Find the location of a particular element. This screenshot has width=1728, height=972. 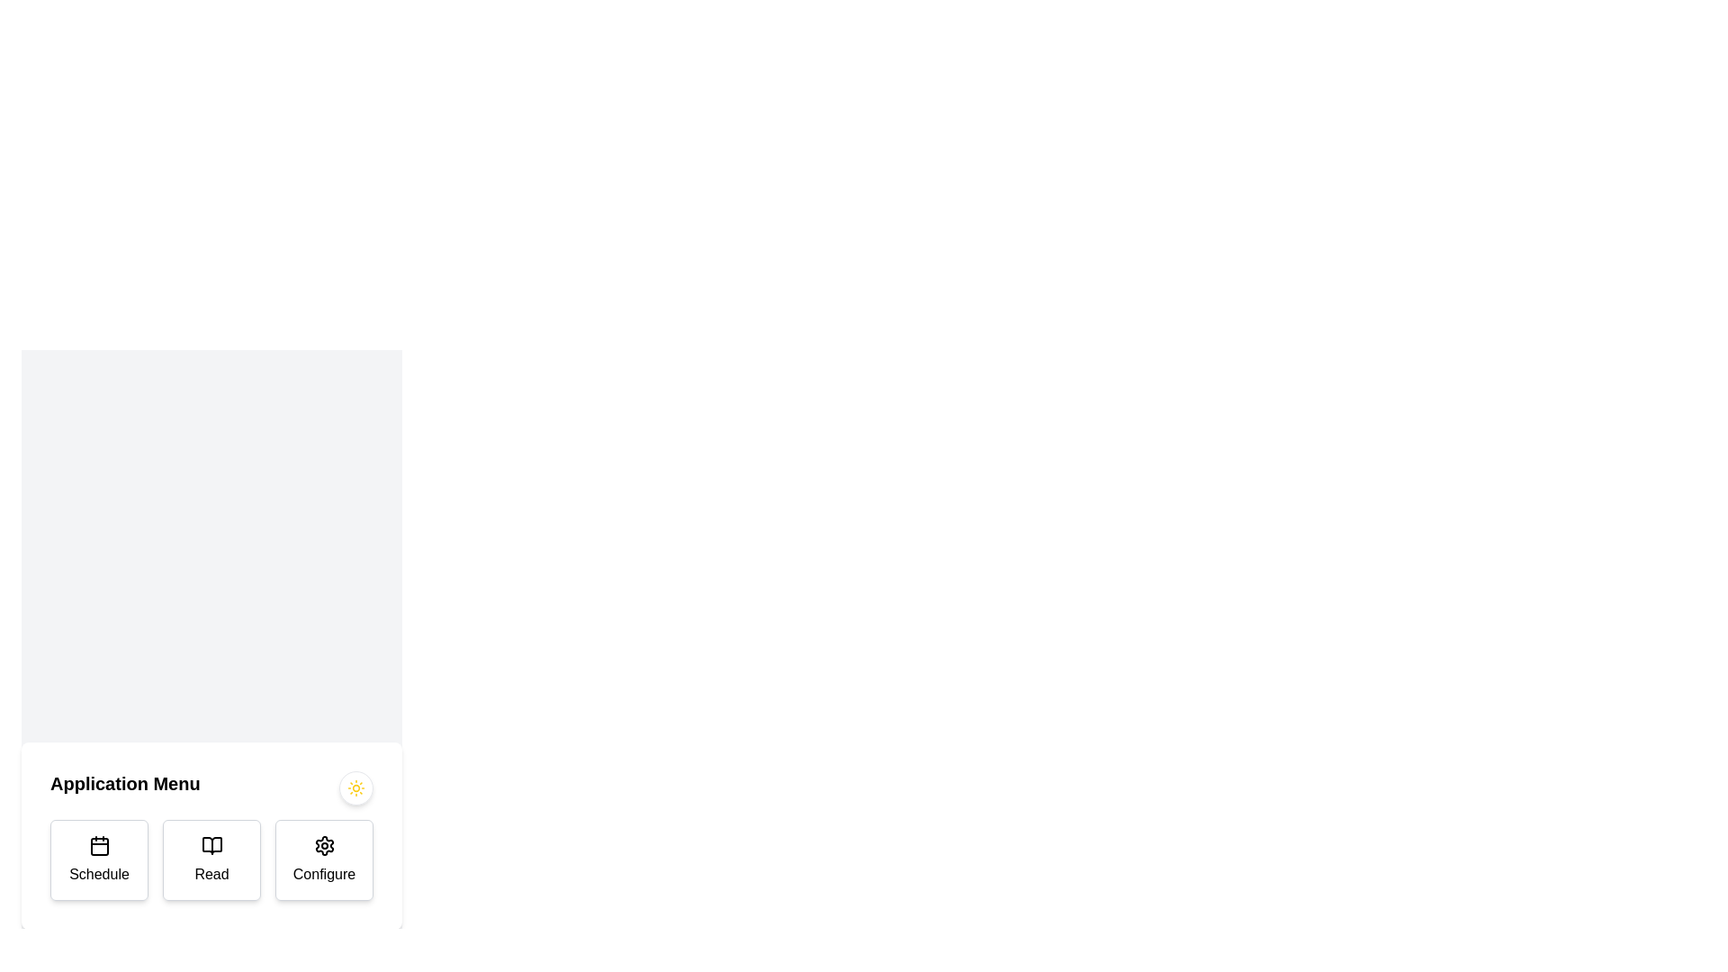

the 'Configure' button, which is a rounded rectangular button with a white background and a black gear icon is located at coordinates (324, 859).